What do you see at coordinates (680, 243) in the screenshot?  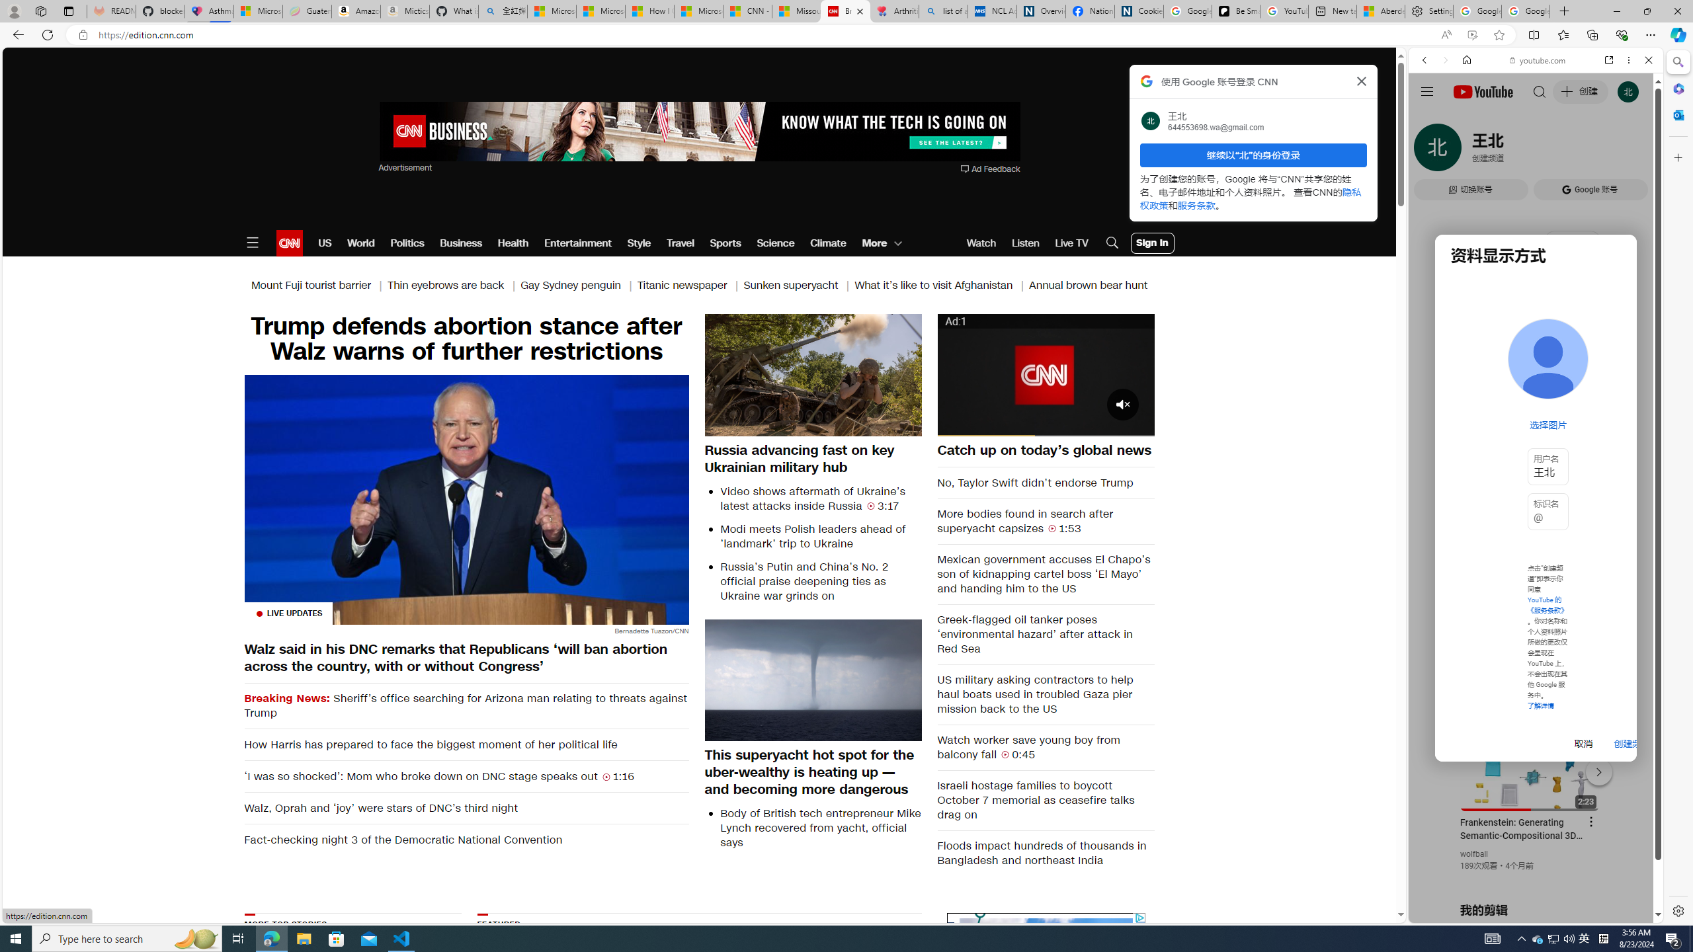 I see `'Travel'` at bounding box center [680, 243].